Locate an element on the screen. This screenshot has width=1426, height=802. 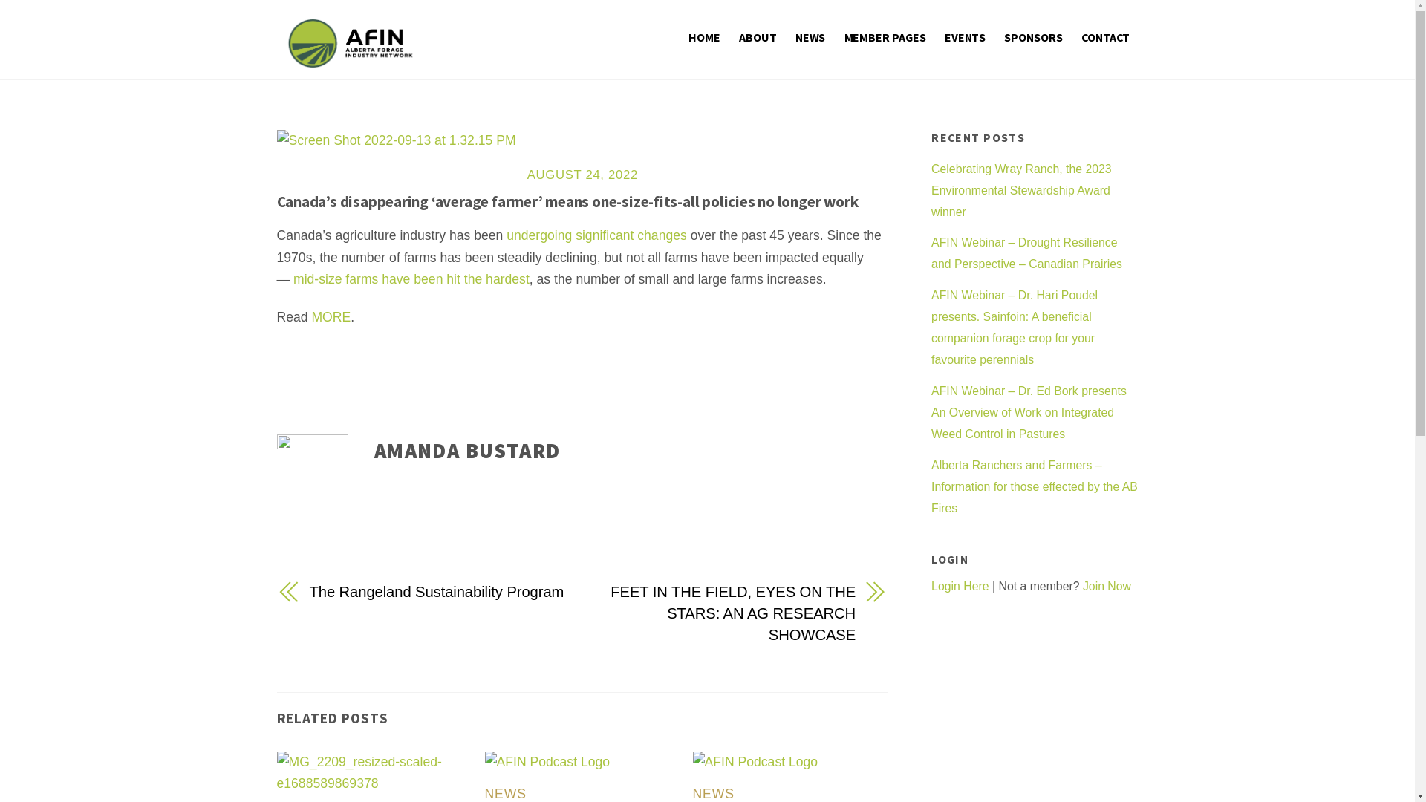
'MORE' is located at coordinates (330, 316).